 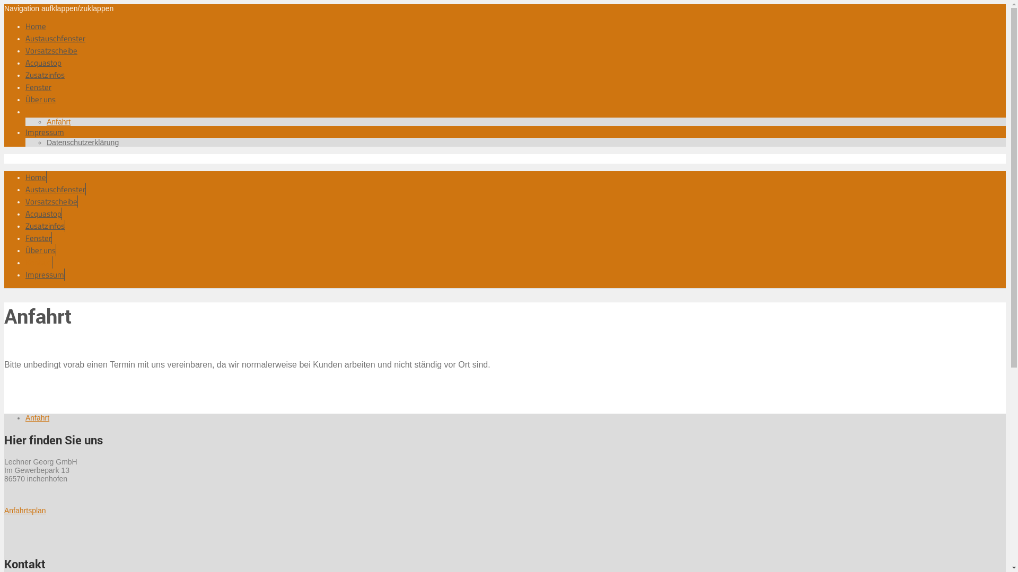 I want to click on 'Kontakt', so click(x=25, y=262).